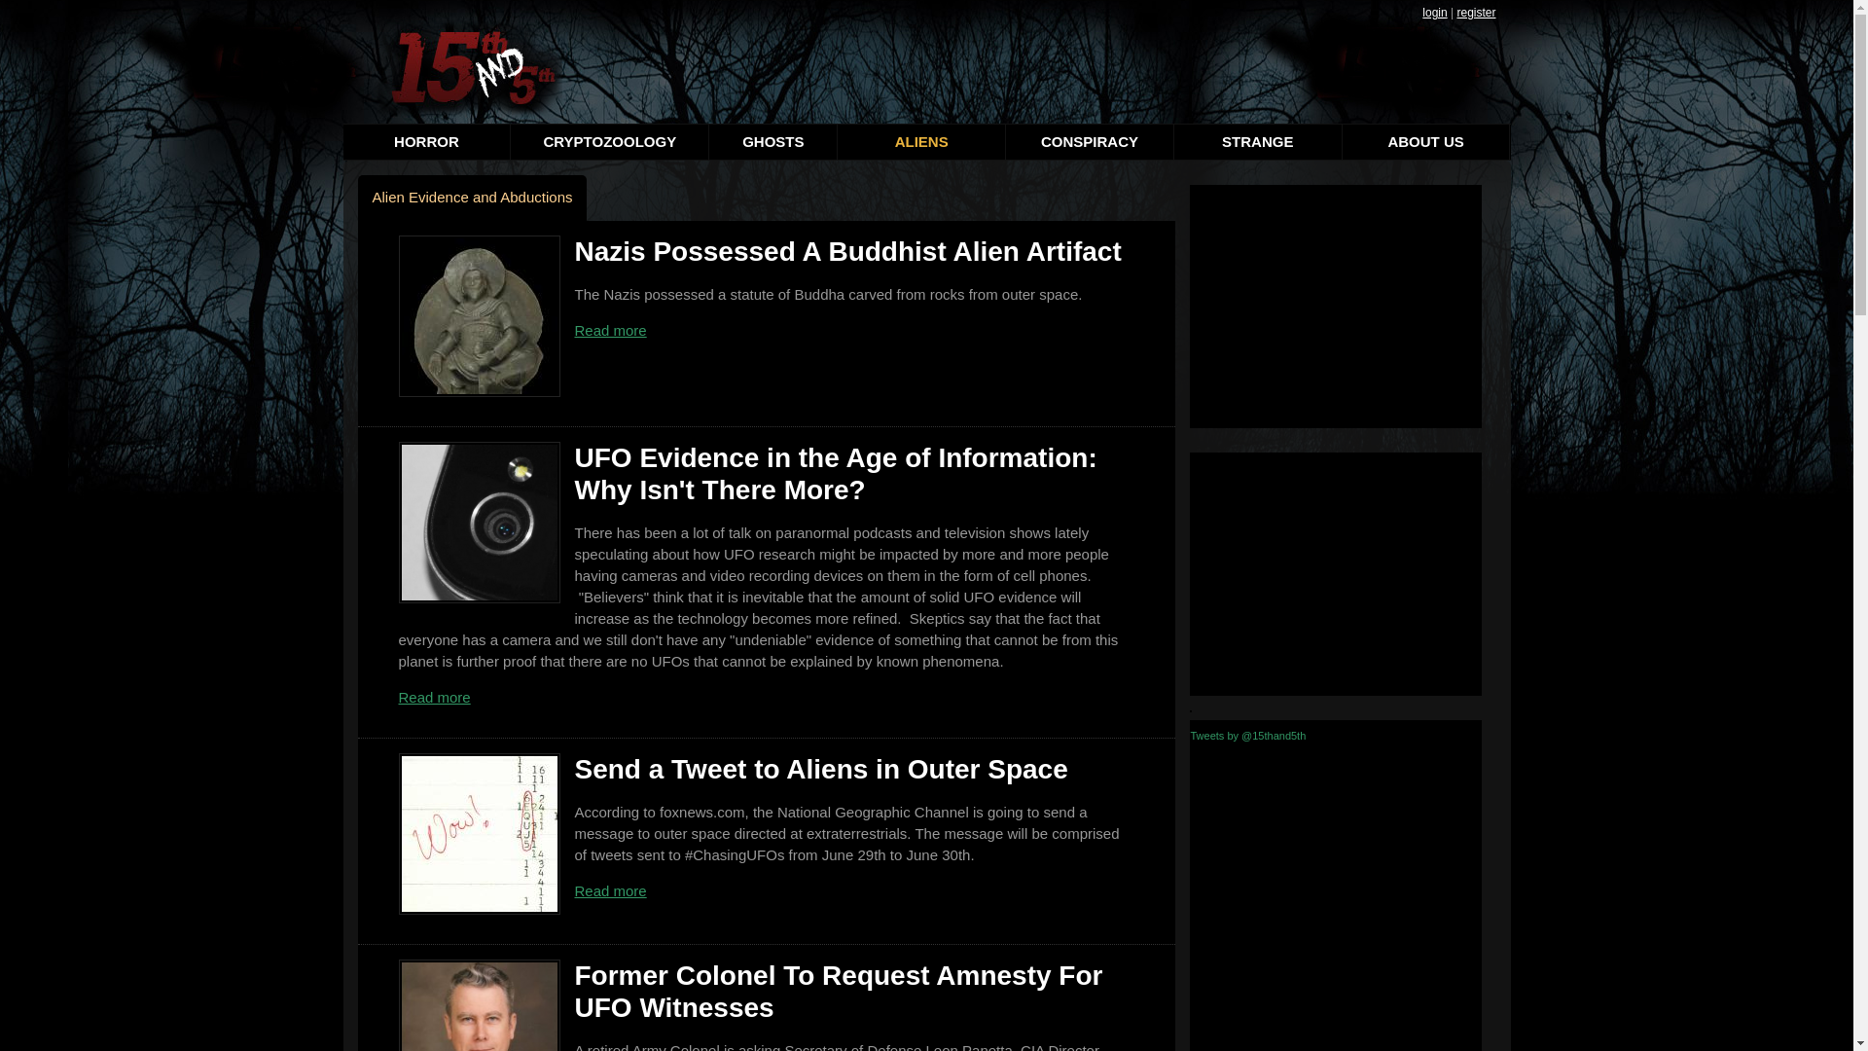  What do you see at coordinates (609, 141) in the screenshot?
I see `'CRYPTOZOOLOGY'` at bounding box center [609, 141].